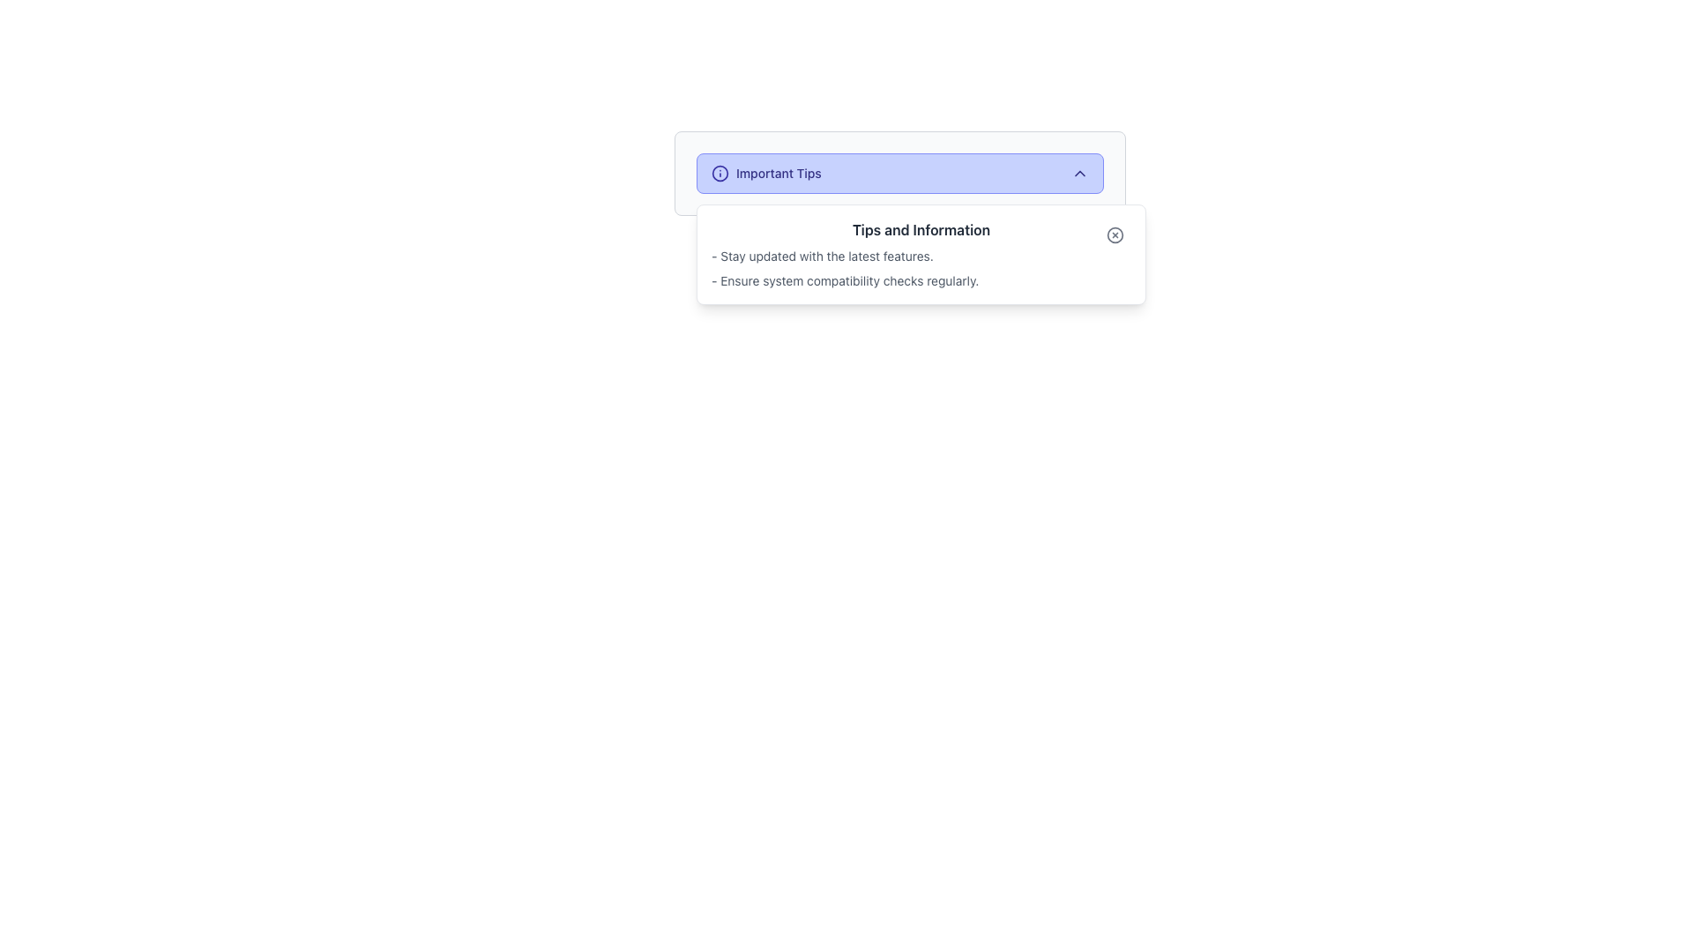  Describe the element at coordinates (921, 256) in the screenshot. I see `text element that provides tips and instructions for staying updated with the latest features, located as the first list item under 'Tips and Information.'` at that location.